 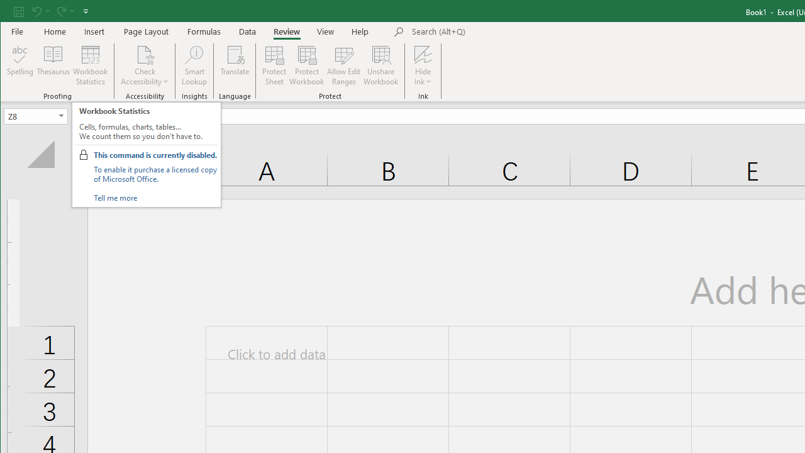 What do you see at coordinates (145, 53) in the screenshot?
I see `'Check Accessibility'` at bounding box center [145, 53].